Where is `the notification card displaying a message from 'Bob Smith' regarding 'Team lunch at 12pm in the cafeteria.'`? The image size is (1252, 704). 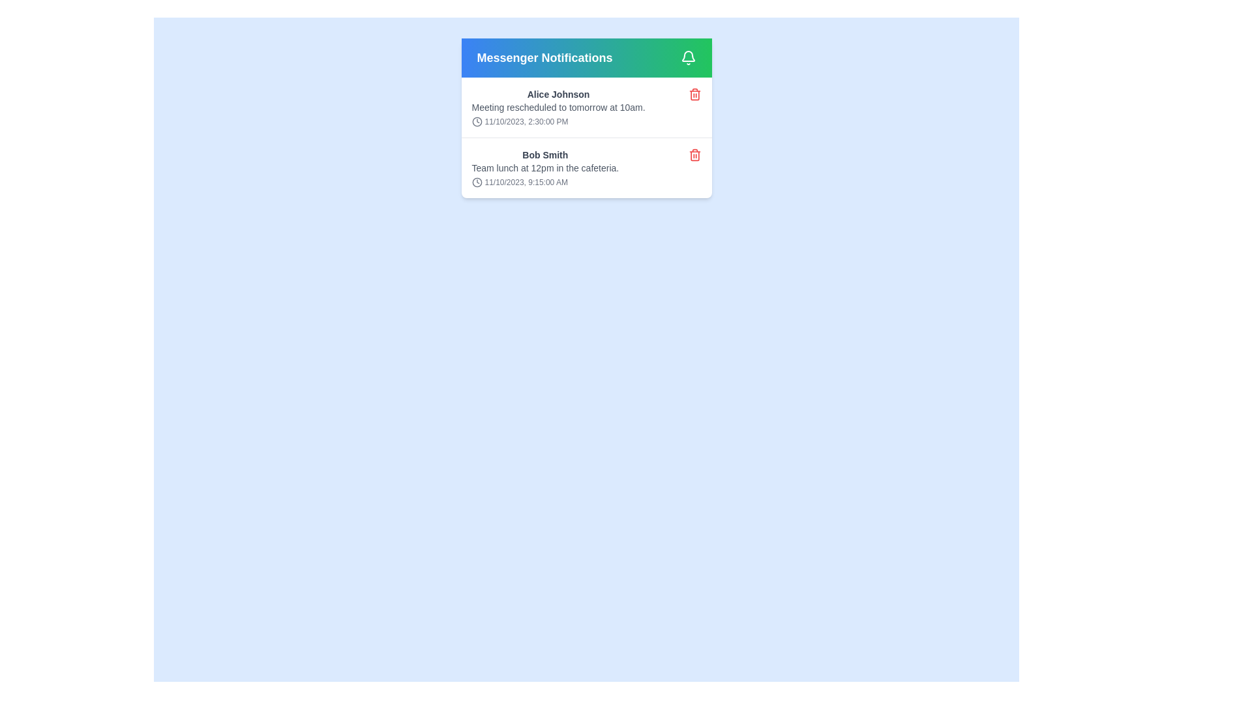 the notification card displaying a message from 'Bob Smith' regarding 'Team lunch at 12pm in the cafeteria.' is located at coordinates (545, 168).